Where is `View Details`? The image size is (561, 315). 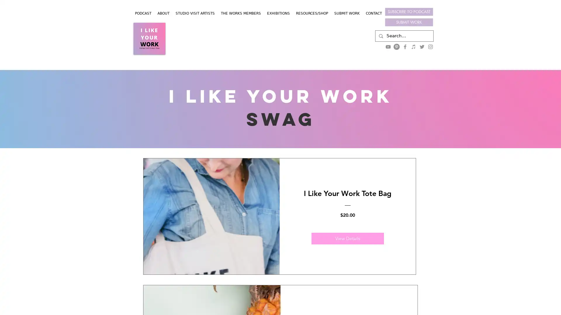
View Details is located at coordinates (347, 238).